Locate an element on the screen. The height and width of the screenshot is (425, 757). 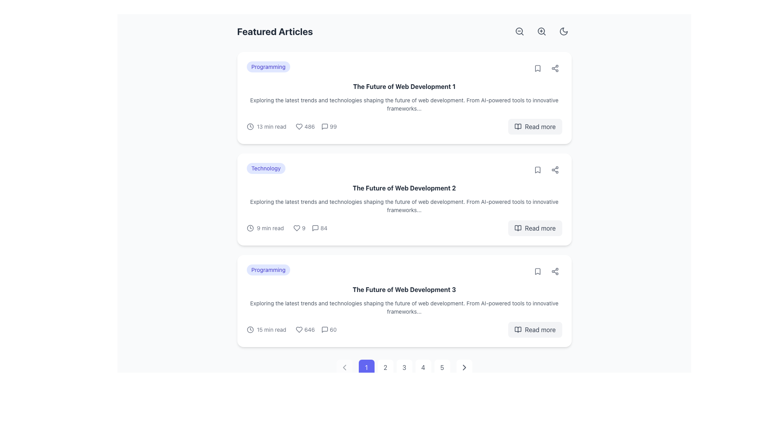
the bookmark-shaped icon located at the top-right of the article preview section is located at coordinates (537, 68).